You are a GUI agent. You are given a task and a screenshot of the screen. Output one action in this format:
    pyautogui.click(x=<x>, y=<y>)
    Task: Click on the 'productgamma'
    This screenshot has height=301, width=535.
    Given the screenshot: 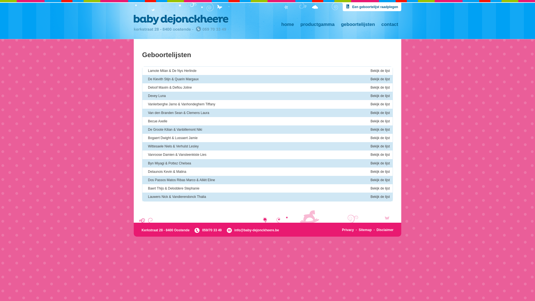 What is the action you would take?
    pyautogui.click(x=297, y=24)
    